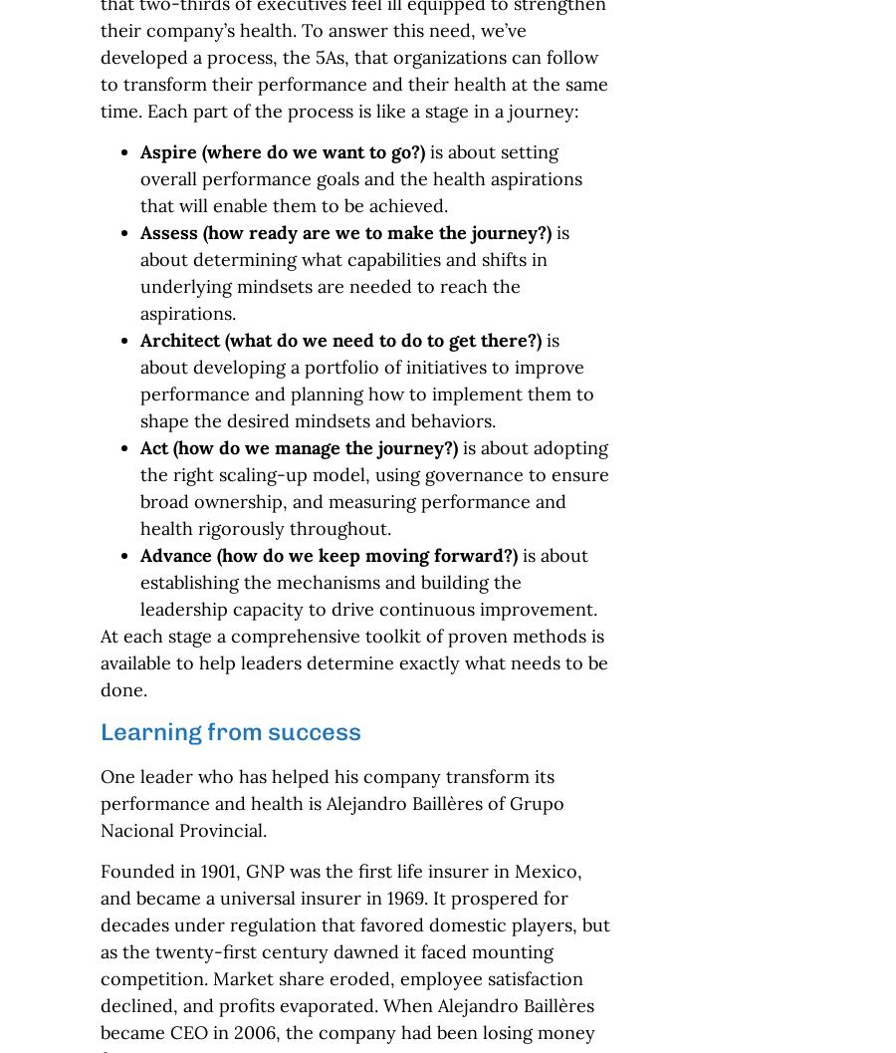 Image resolution: width=896 pixels, height=1053 pixels. I want to click on 'is about establishing the mechanisms and building the leadership capacity to drive continuous improvement.', so click(367, 581).